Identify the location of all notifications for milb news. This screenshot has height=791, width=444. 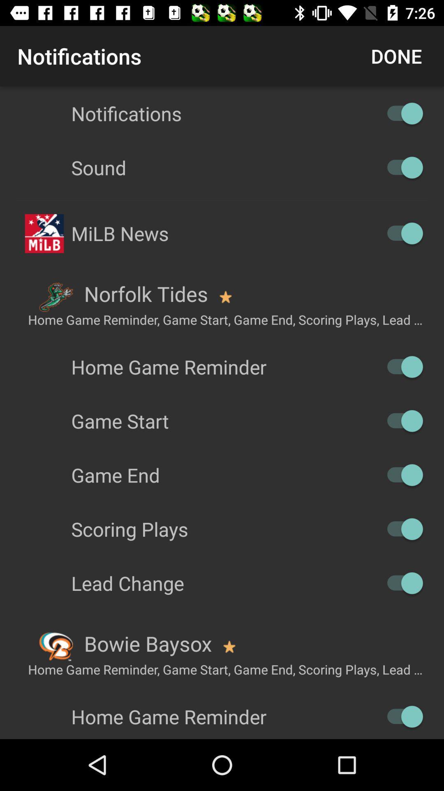
(400, 233).